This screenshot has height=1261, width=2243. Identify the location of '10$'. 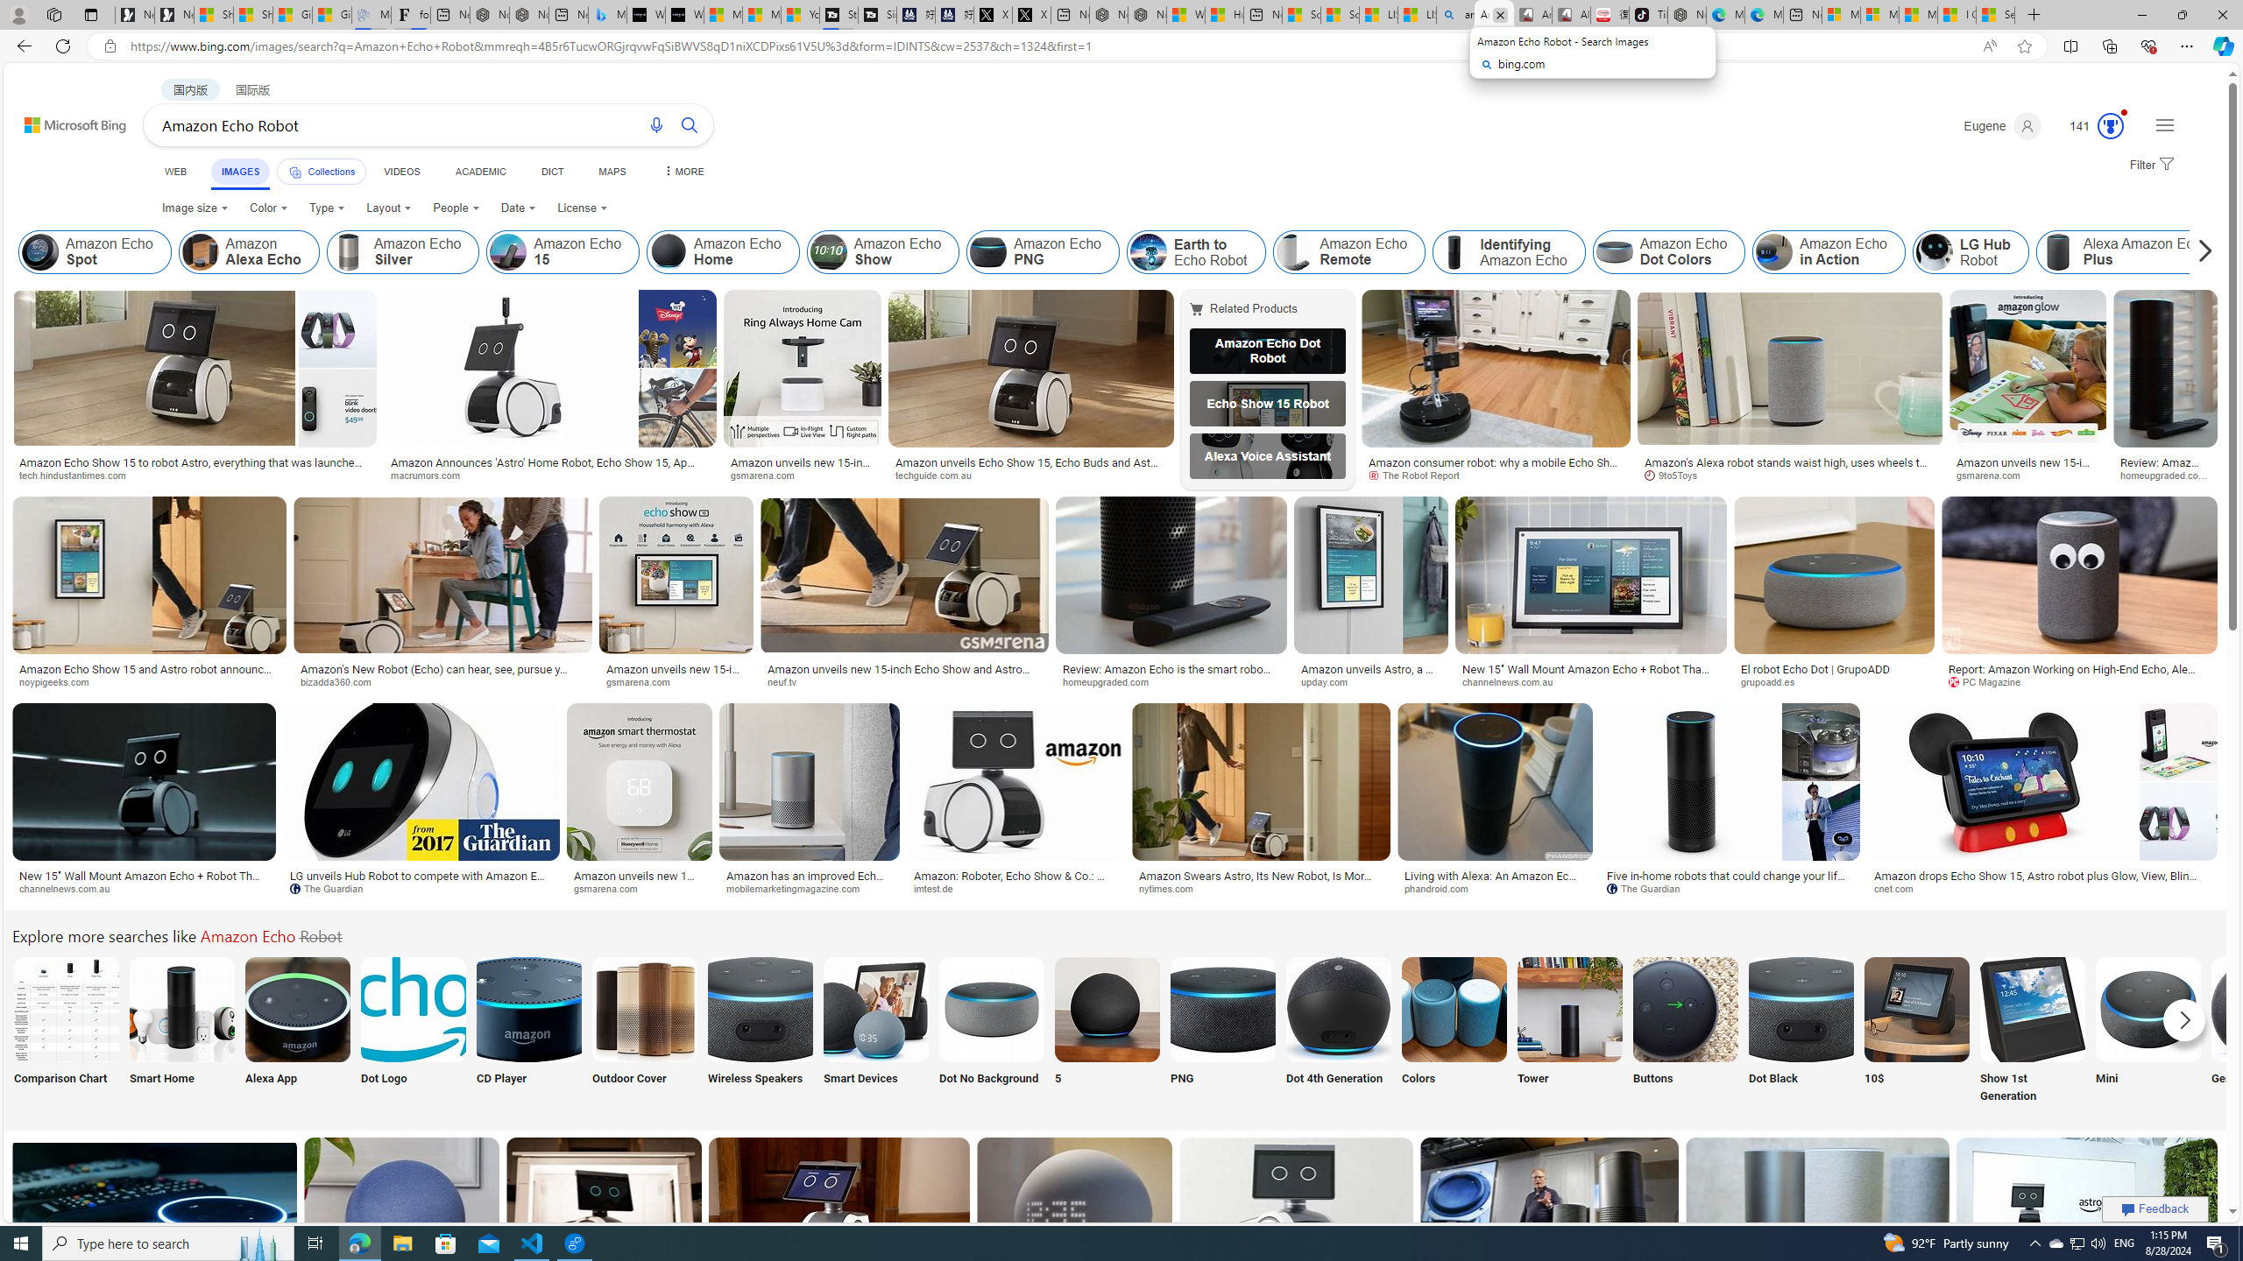
(1915, 1030).